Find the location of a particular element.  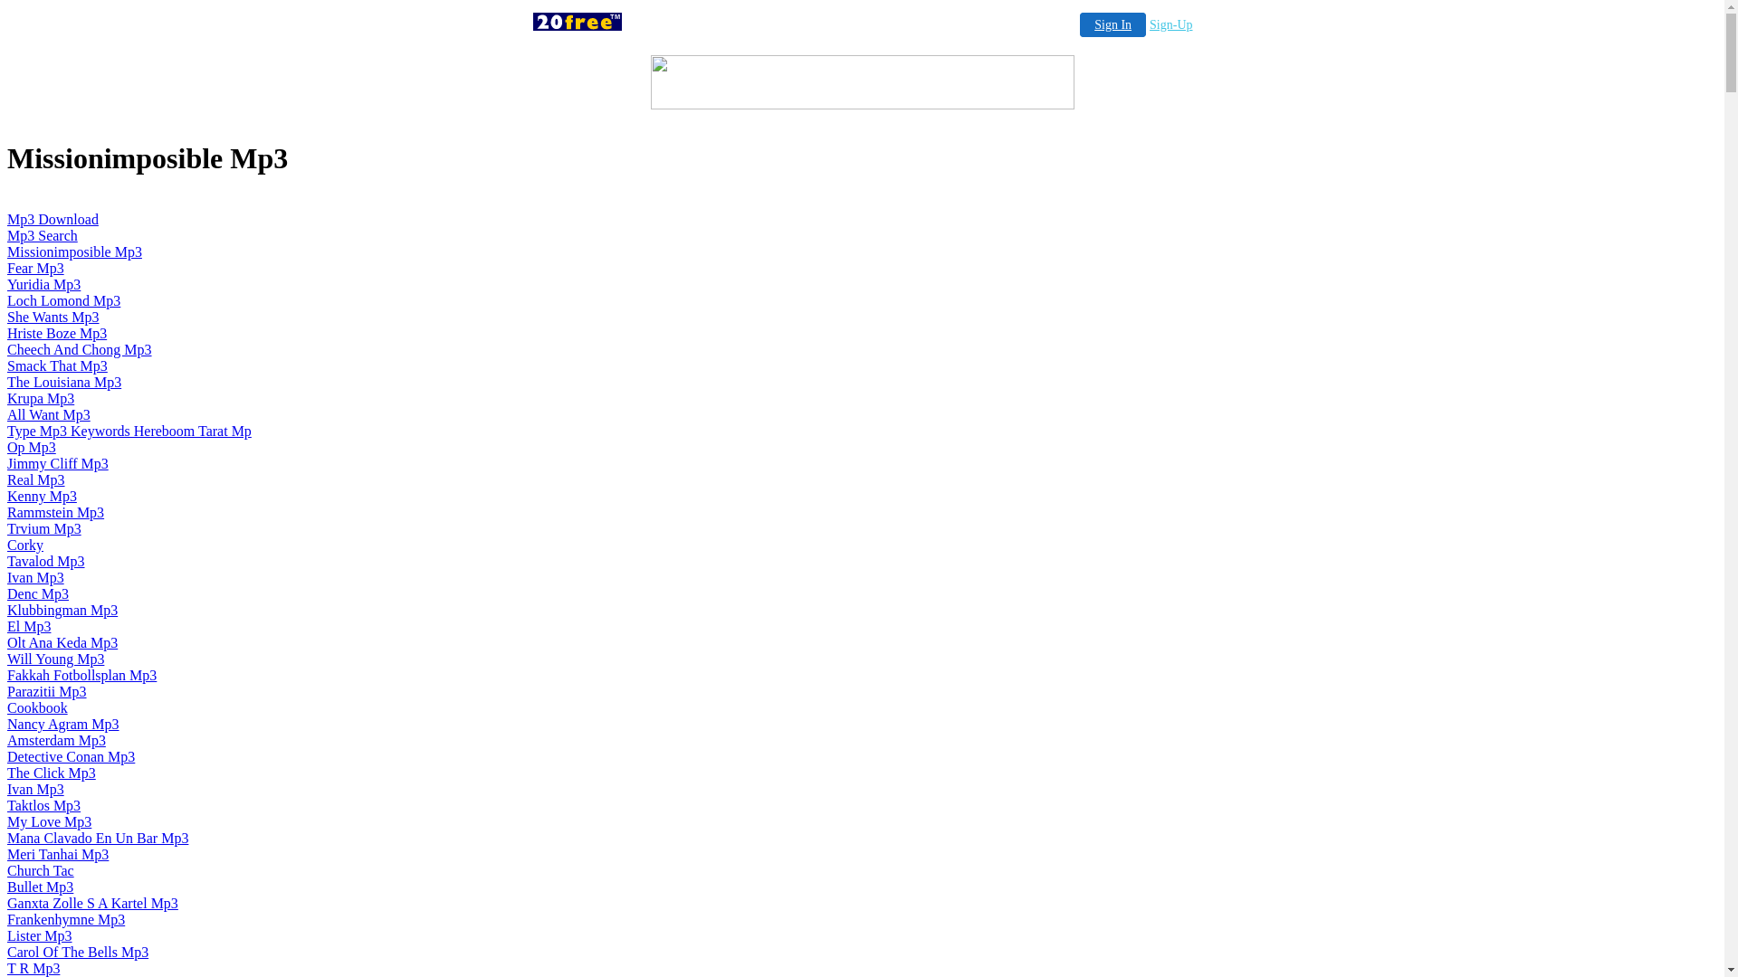

'Detective Conan Mp3' is located at coordinates (71, 756).